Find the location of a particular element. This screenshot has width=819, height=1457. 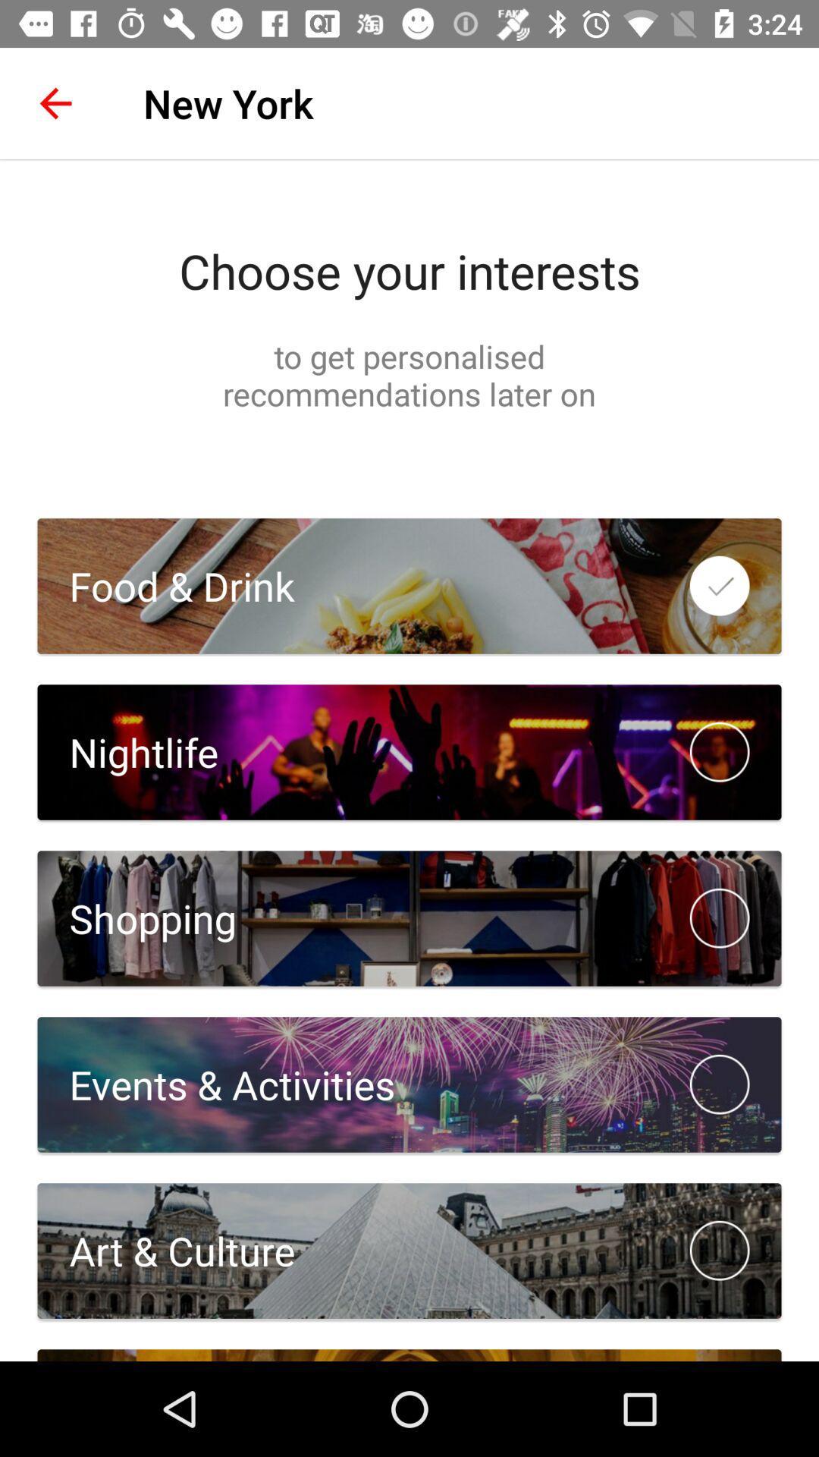

art & culture icon is located at coordinates (166, 1251).